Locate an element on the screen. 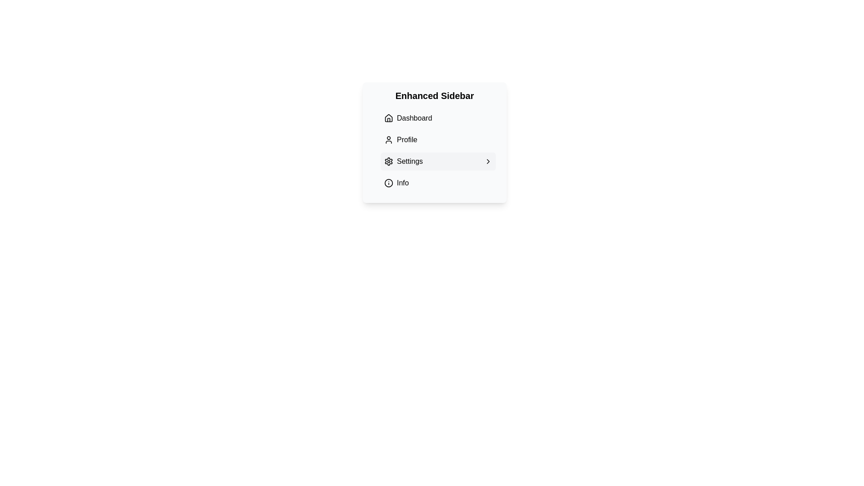 The image size is (864, 486). the user profile icon, which is a circular icon above a semicircular base in black and white, located to the left of the 'Profile' text in the navigation menu is located at coordinates (389, 140).